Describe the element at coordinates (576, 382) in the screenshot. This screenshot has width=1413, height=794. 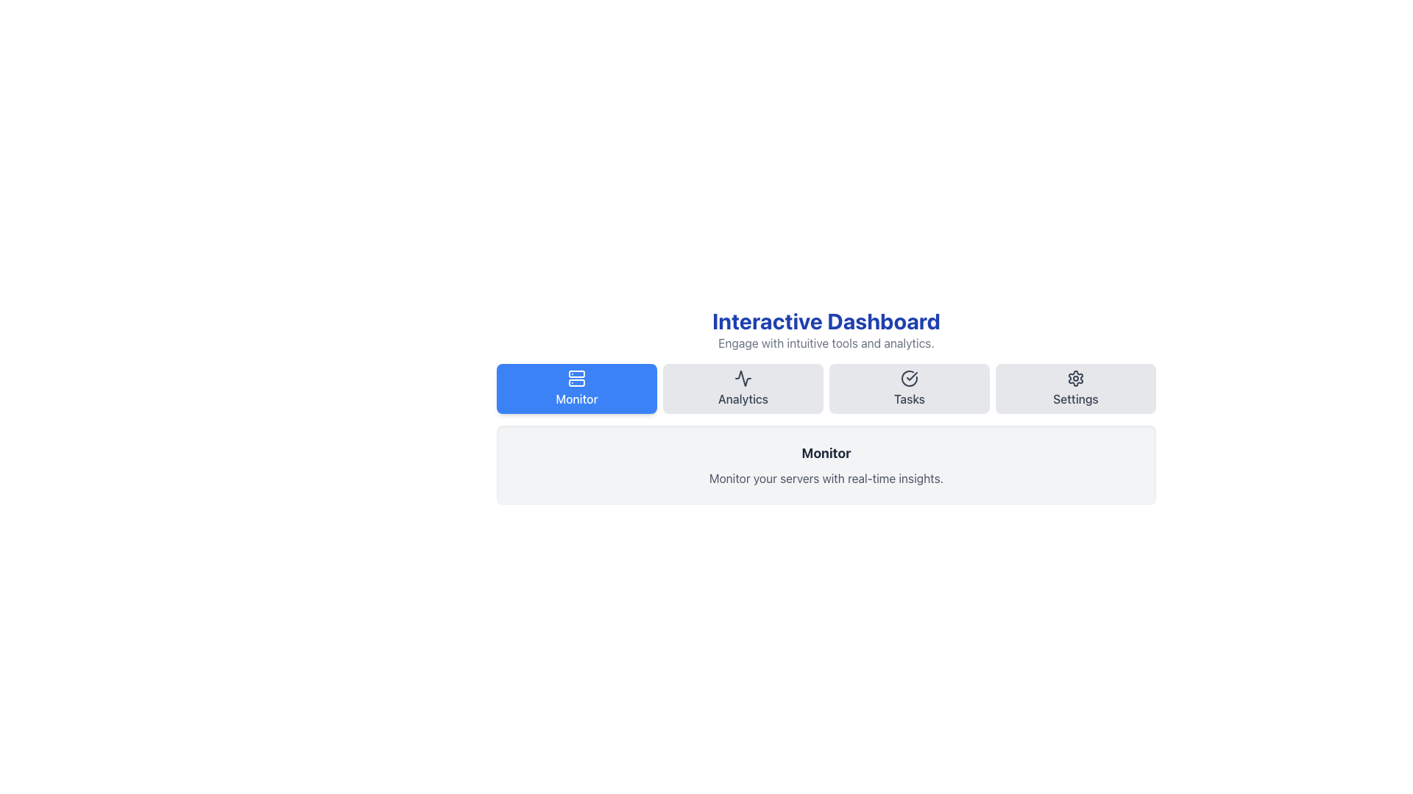
I see `the second rounded rectangle within the server stack icon located in the leftmost button of the horizontal navigation bar` at that location.